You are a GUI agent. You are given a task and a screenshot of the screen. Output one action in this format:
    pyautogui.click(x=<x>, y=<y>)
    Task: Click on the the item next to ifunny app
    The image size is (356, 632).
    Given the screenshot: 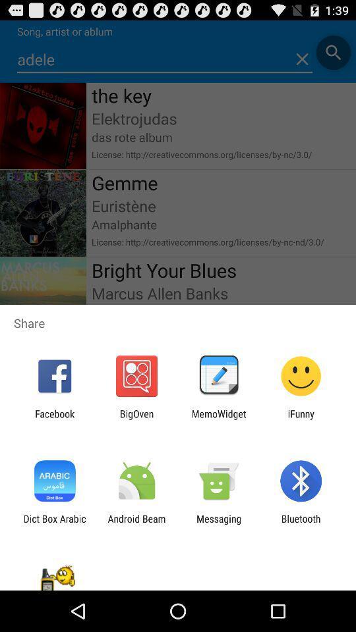 What is the action you would take?
    pyautogui.click(x=219, y=419)
    